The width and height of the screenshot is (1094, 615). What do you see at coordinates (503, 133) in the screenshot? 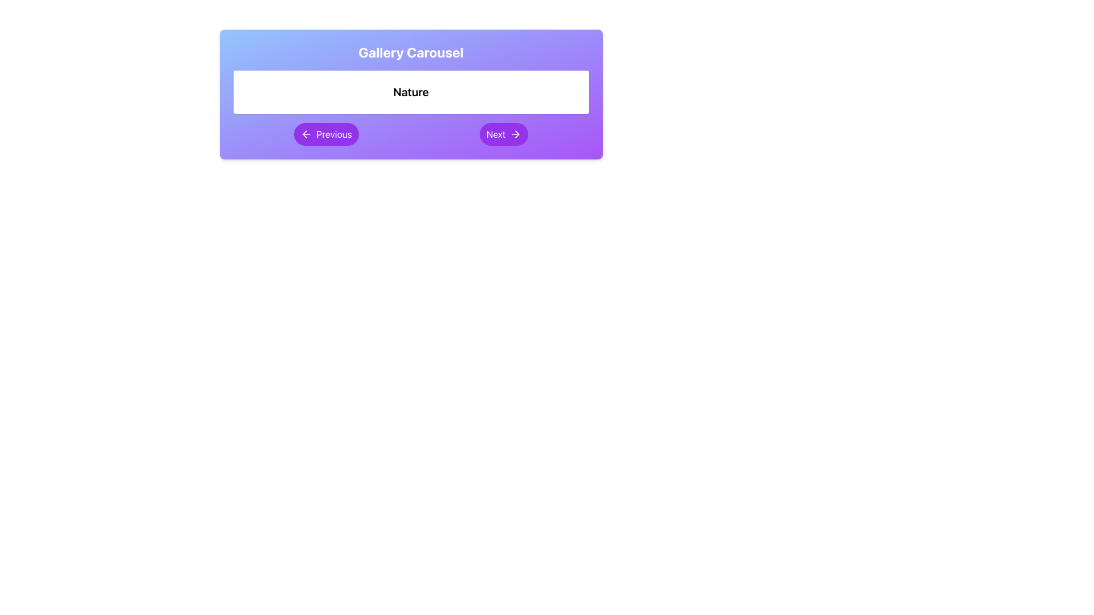
I see `the 'Next' button in the carousel navigation section` at bounding box center [503, 133].